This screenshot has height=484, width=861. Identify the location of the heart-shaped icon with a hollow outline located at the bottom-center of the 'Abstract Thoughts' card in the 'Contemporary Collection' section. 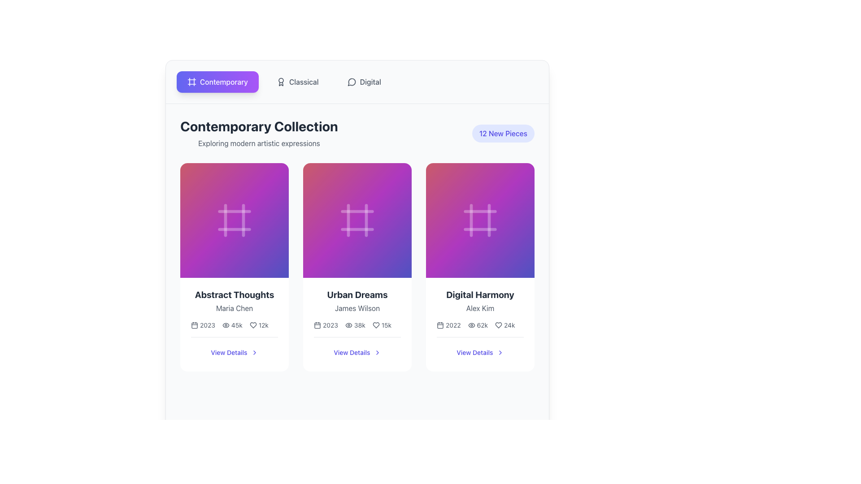
(252, 325).